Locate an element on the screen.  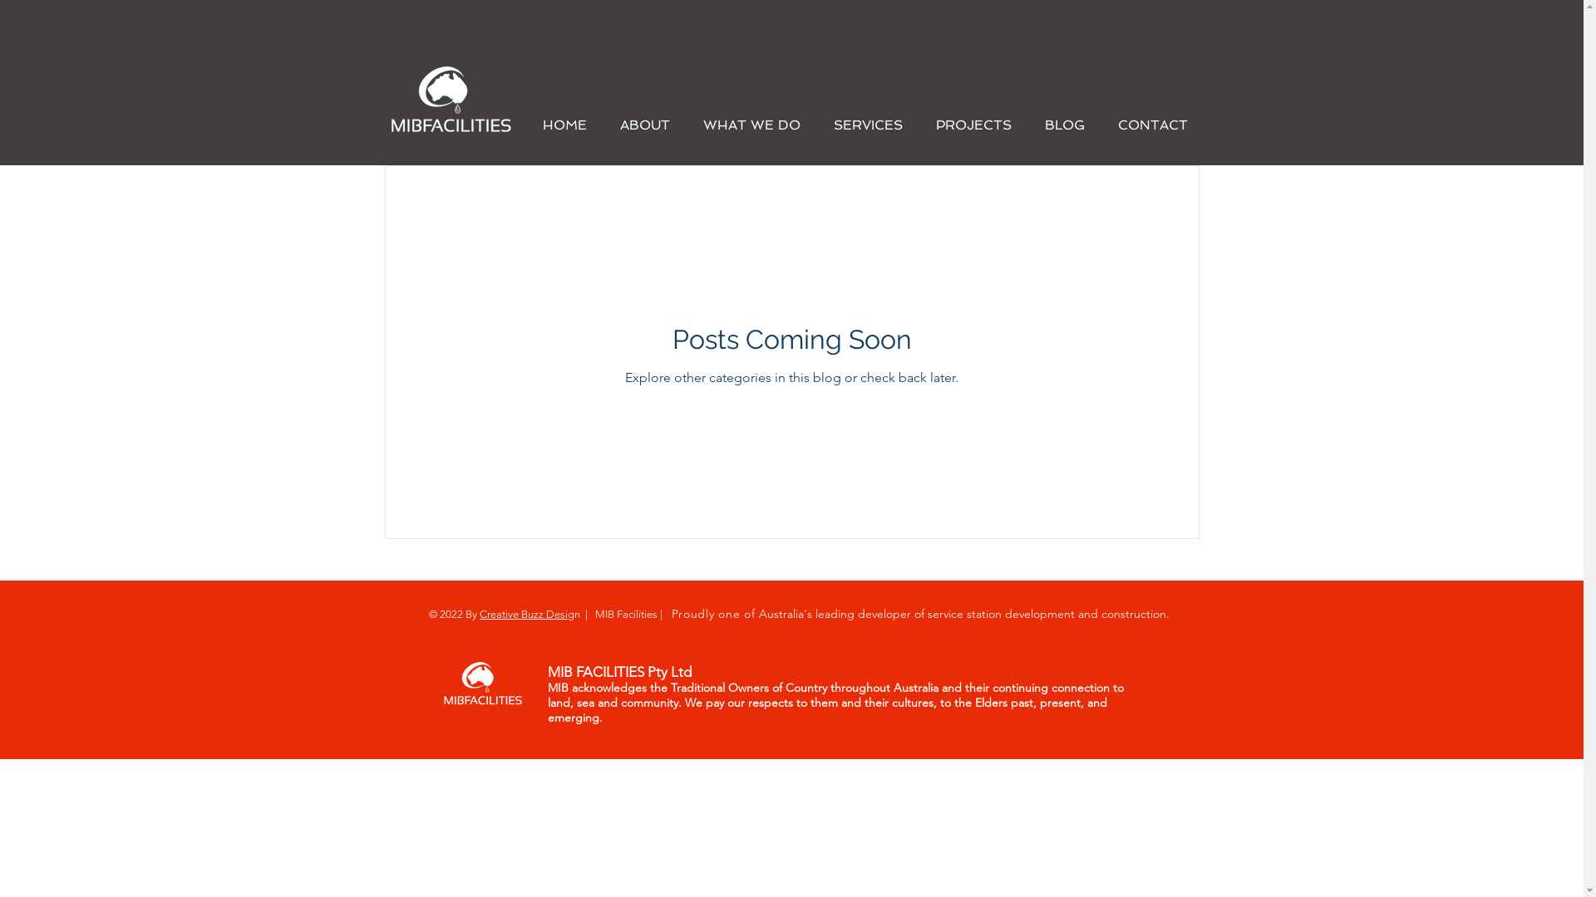
'CONTACT' is located at coordinates (1151, 124).